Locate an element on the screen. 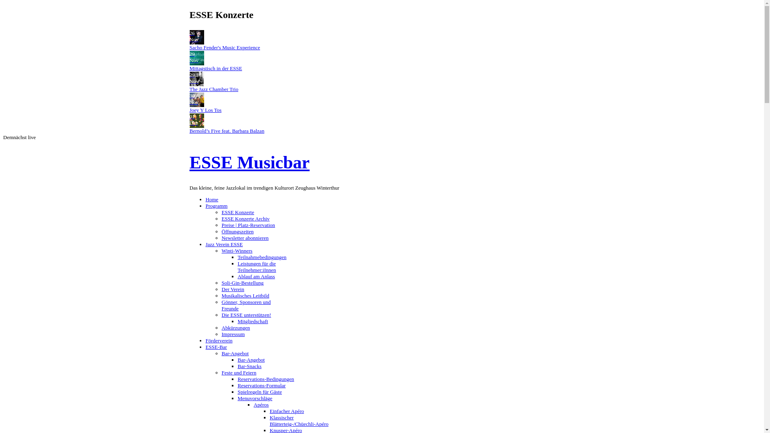 The image size is (770, 433). 'Winti-Winners' is located at coordinates (236, 250).